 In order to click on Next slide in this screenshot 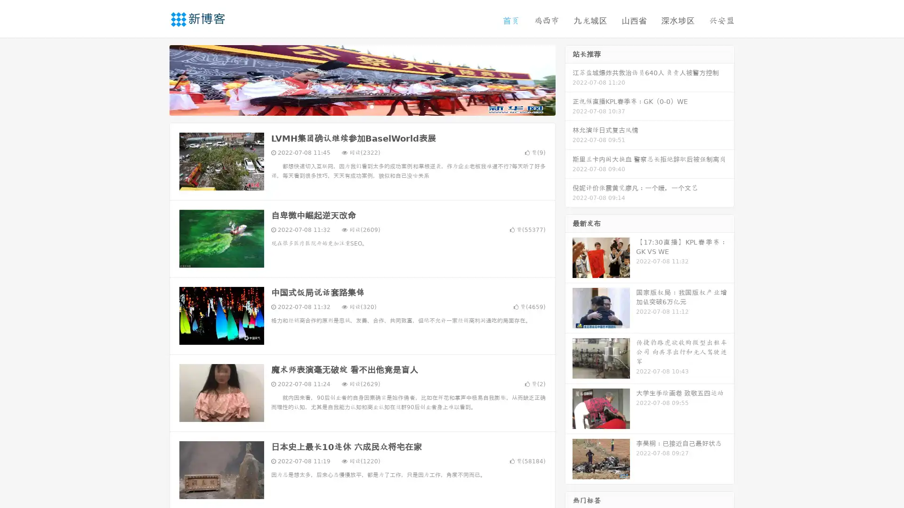, I will do `click(569, 79)`.